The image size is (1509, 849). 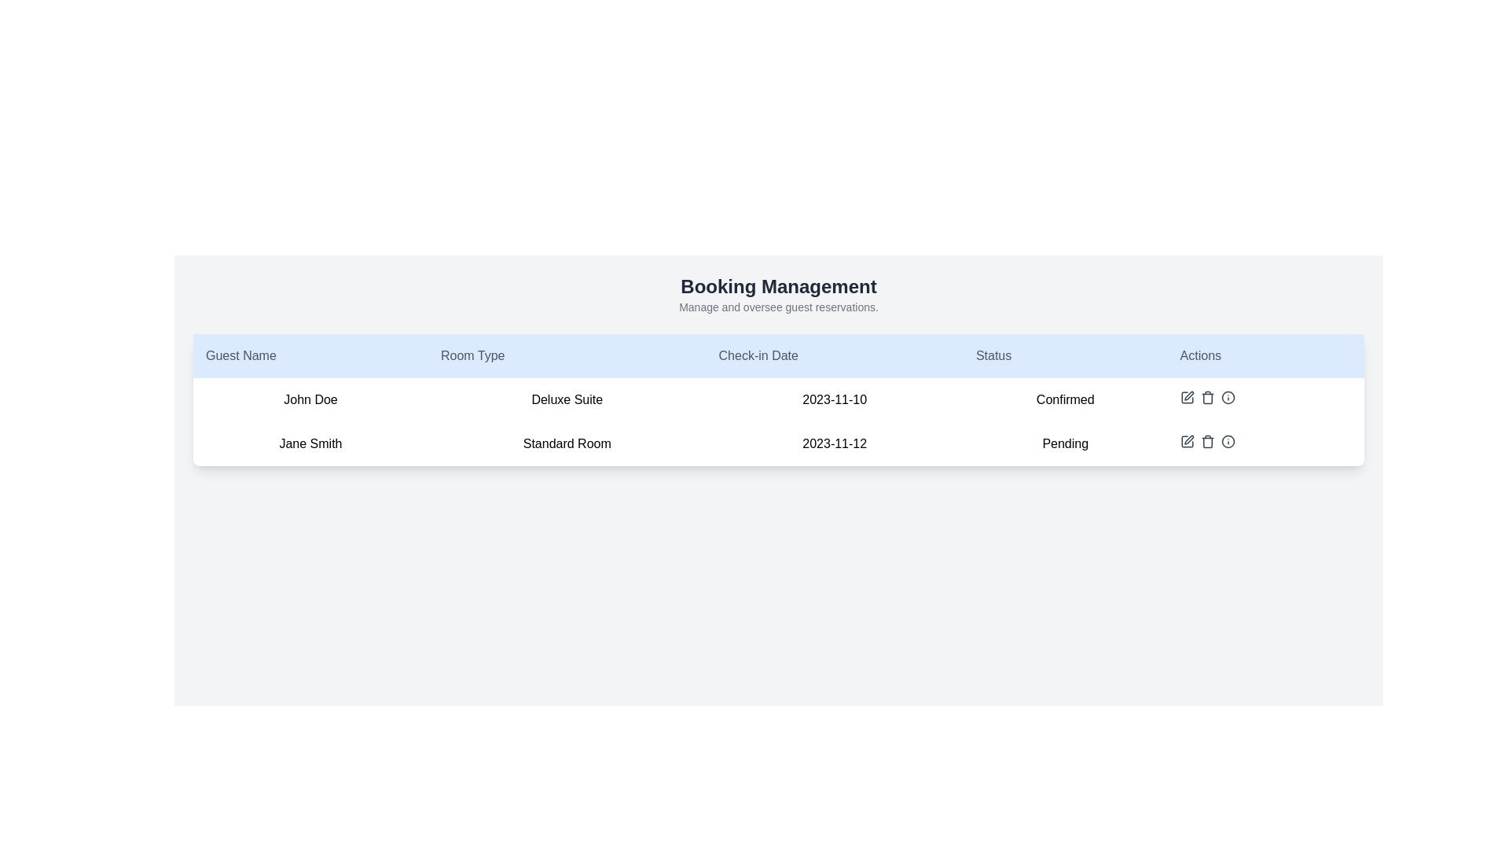 I want to click on the pen icon located in the 'Actions' column of the second row of the table, so click(x=1188, y=439).